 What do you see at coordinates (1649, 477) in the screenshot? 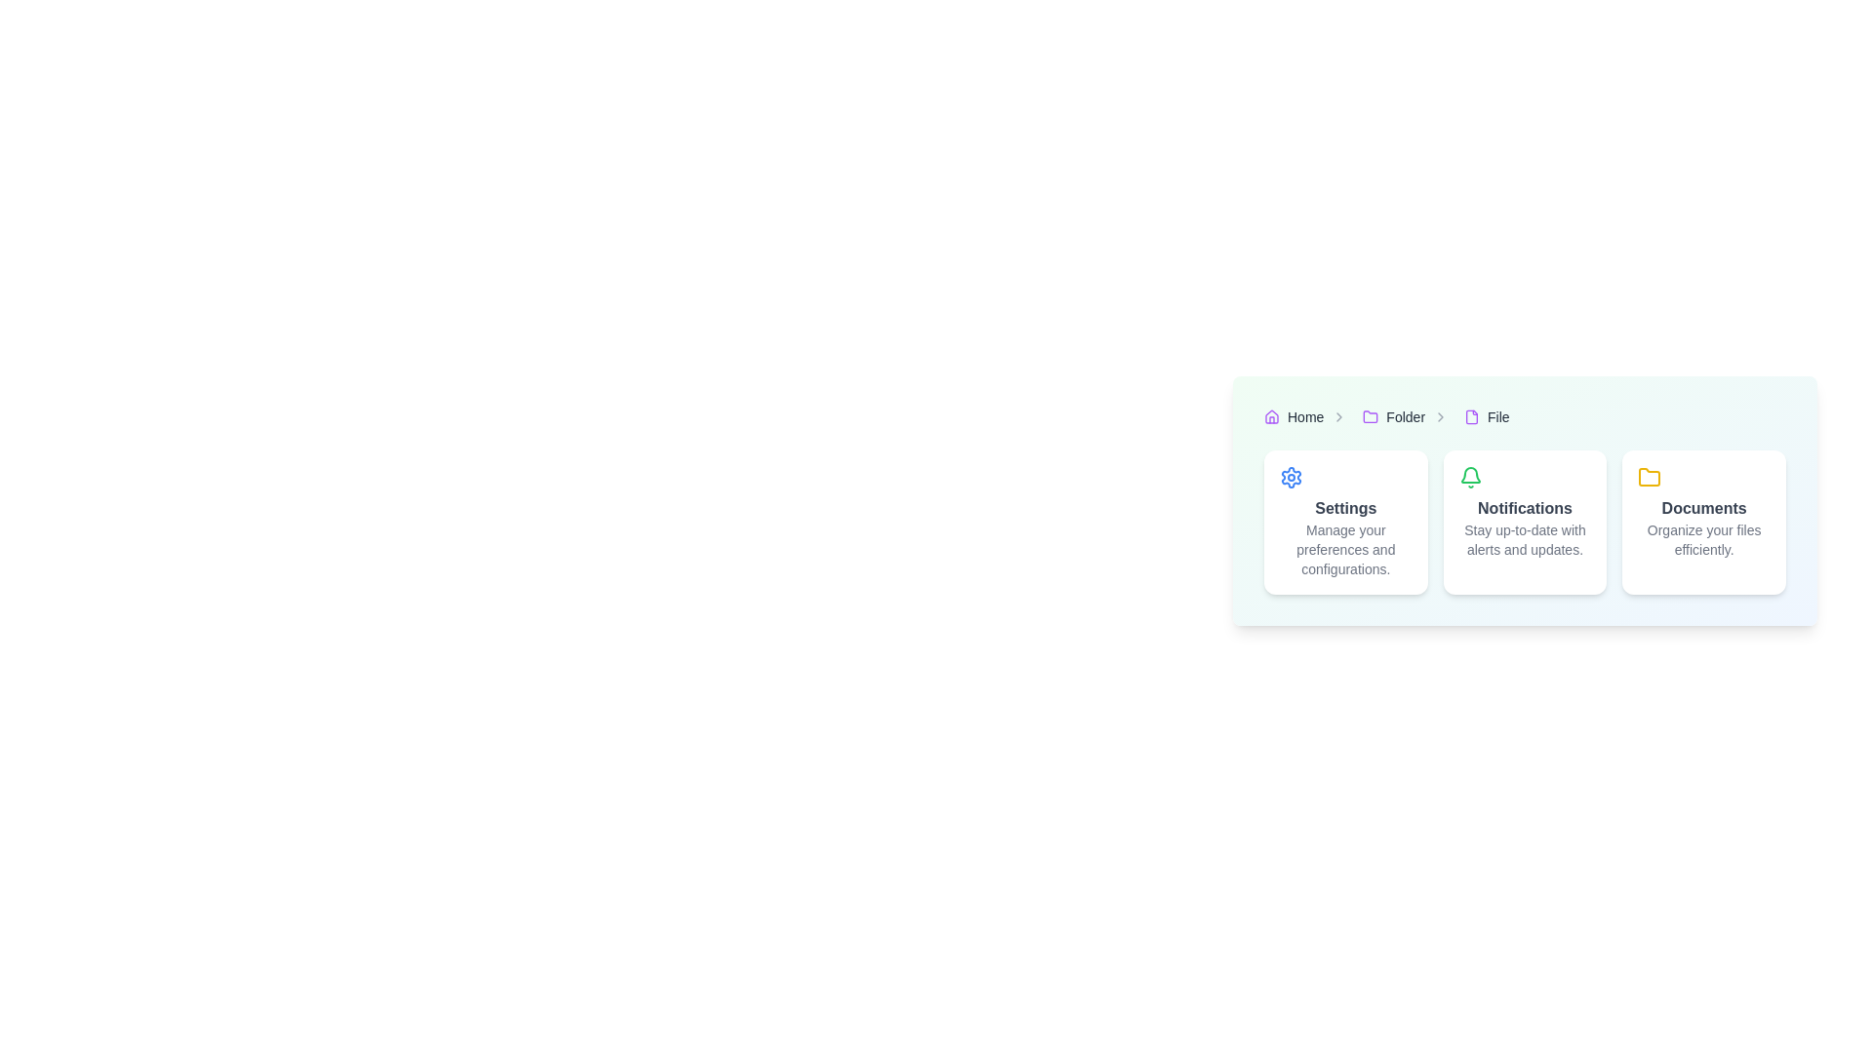
I see `the small yellow folder-shaped icon located at the top-left corner of the 'Documents' card` at bounding box center [1649, 477].